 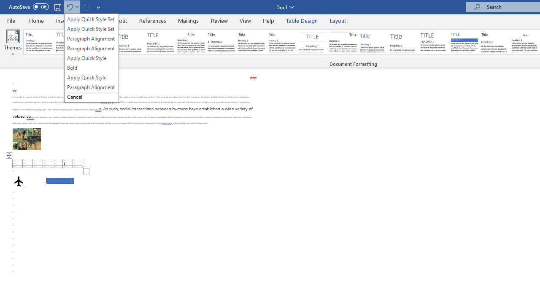 What do you see at coordinates (69, 7) in the screenshot?
I see `'Undo Apply Quick Style Set'` at bounding box center [69, 7].